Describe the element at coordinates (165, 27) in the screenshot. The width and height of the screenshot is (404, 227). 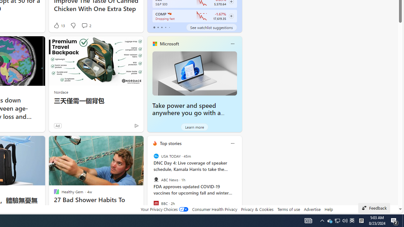
I see `'tab-3'` at that location.